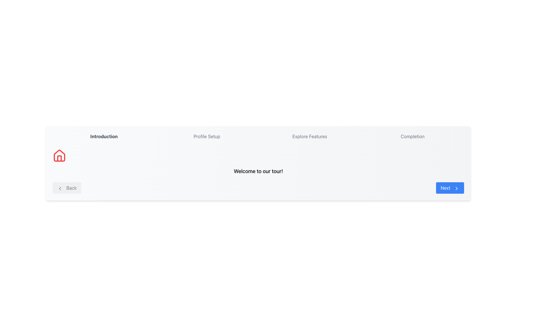 This screenshot has width=549, height=309. Describe the element at coordinates (413, 136) in the screenshot. I see `the 'Completion' label which indicates the final step in the multi-step navigation interface` at that location.